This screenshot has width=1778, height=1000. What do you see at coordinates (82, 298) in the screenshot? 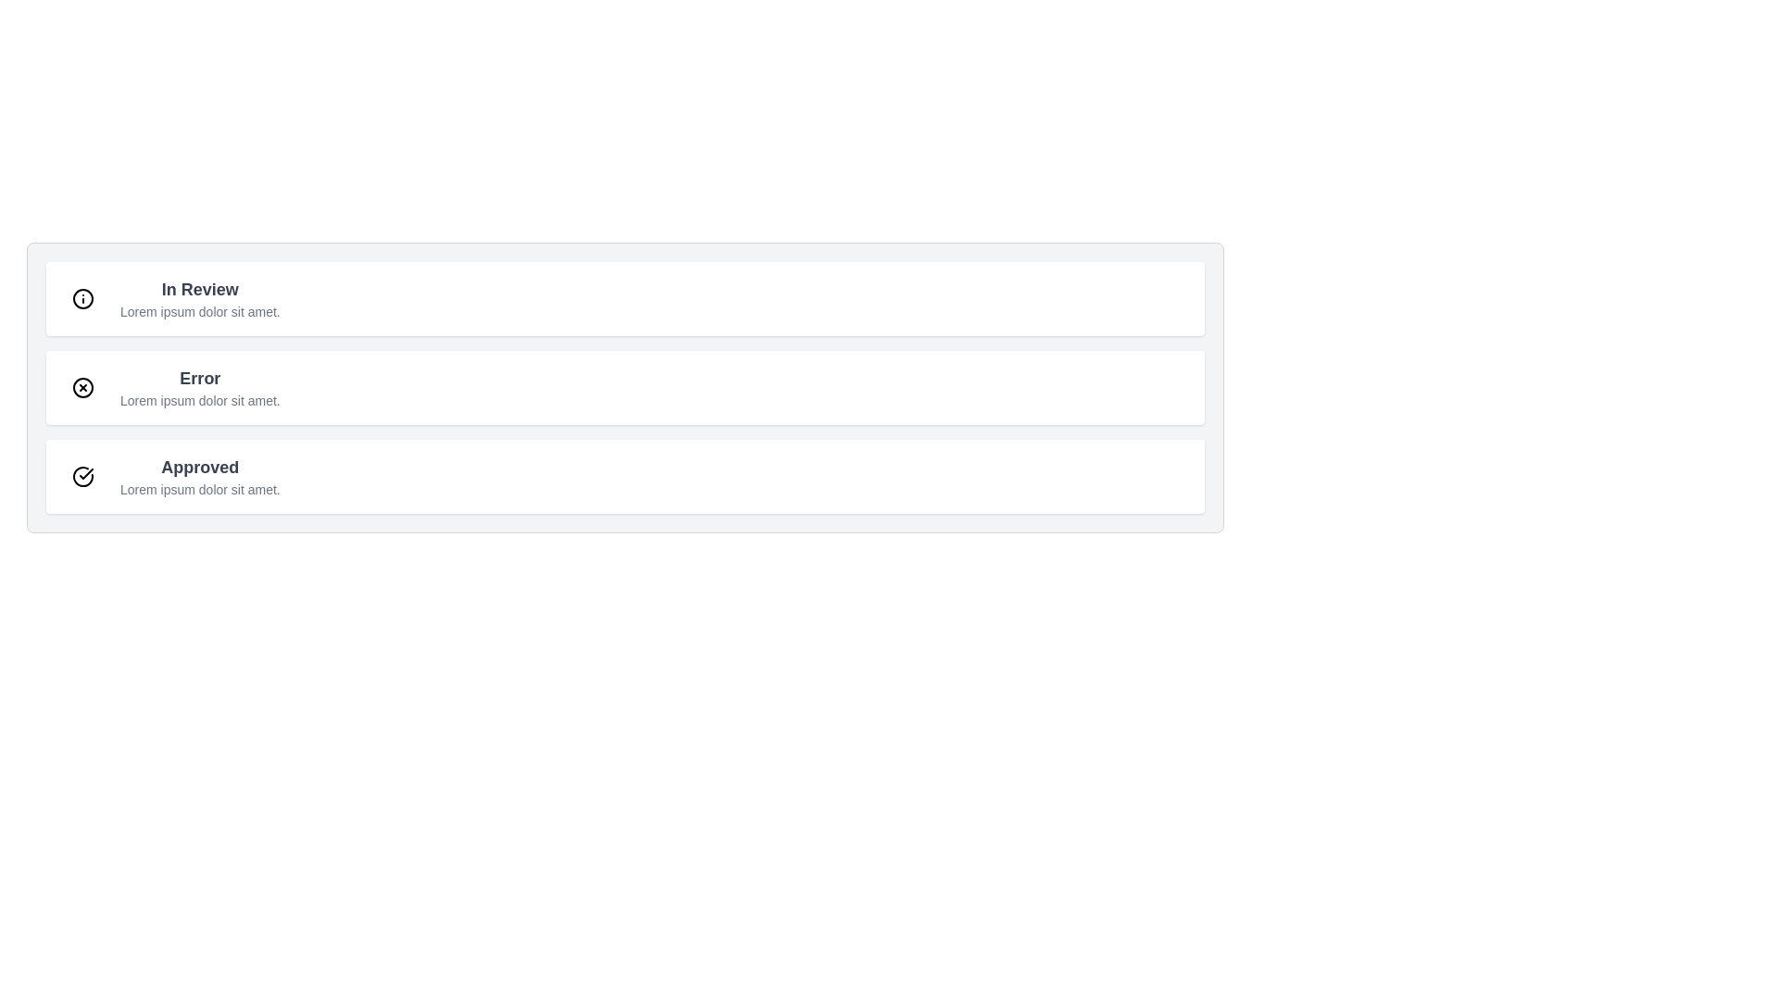
I see `the circular orange information icon located to the left of the 'In Review' text in the top section of the vertical list` at bounding box center [82, 298].